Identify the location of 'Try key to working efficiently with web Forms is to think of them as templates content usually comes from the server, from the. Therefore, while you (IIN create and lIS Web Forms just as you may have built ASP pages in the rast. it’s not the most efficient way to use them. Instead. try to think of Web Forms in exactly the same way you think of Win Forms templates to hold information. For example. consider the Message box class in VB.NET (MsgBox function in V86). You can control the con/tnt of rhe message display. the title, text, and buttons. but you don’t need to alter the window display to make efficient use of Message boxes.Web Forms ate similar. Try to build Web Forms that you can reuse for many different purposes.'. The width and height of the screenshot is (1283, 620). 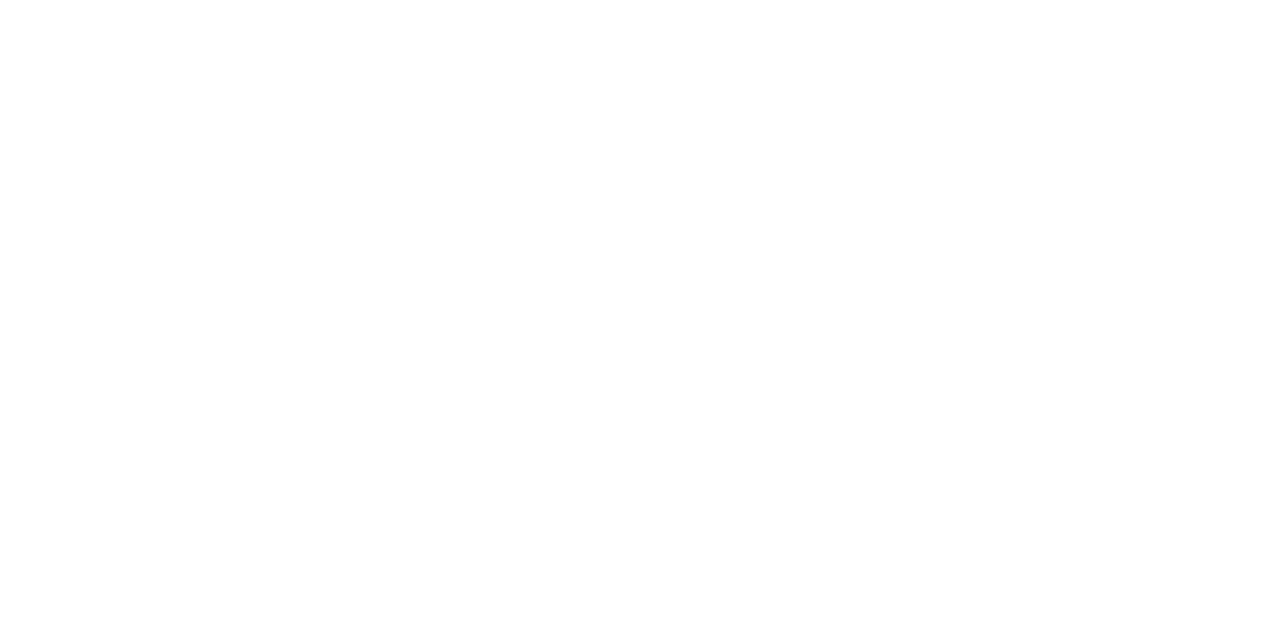
(549, 293).